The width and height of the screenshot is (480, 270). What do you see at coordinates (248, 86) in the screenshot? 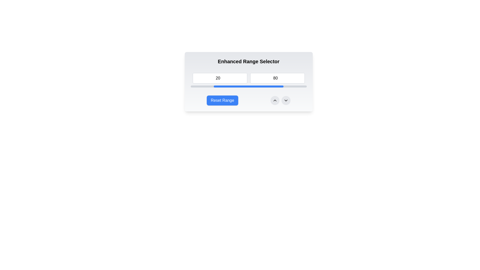
I see `the visual range indicator, which is a blue horizontal bar with rounded ends, centered within a larger gray slider bar located below the numerical input fields labeled '20' and '80'` at bounding box center [248, 86].